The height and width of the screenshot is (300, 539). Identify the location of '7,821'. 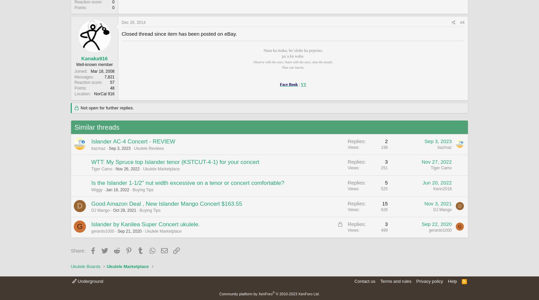
(104, 77).